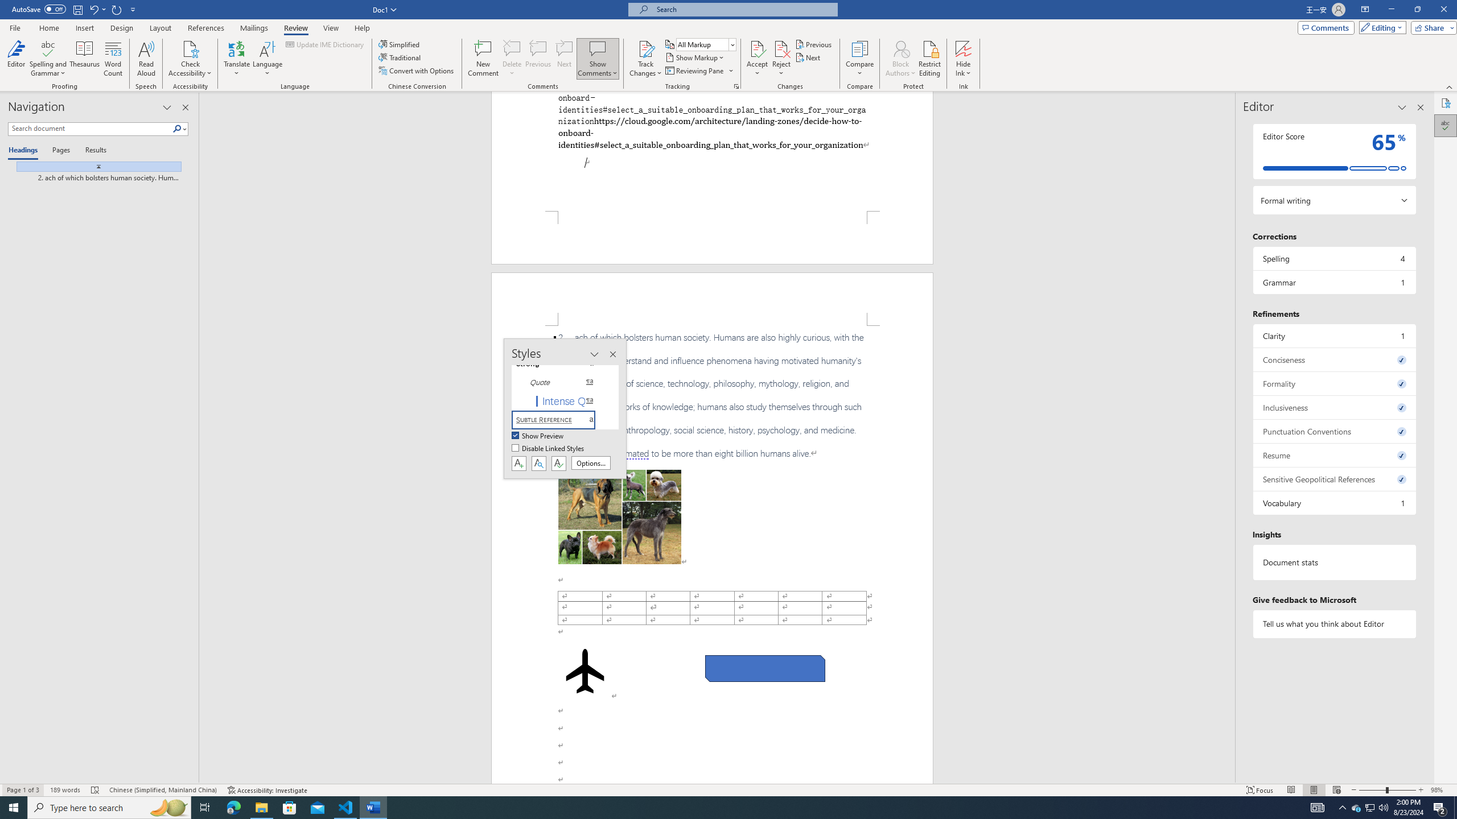 This screenshot has width=1457, height=819. What do you see at coordinates (401, 44) in the screenshot?
I see `'Simplified'` at bounding box center [401, 44].